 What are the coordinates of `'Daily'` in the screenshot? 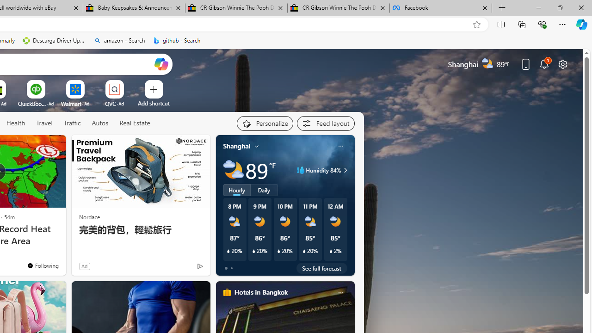 It's located at (264, 190).